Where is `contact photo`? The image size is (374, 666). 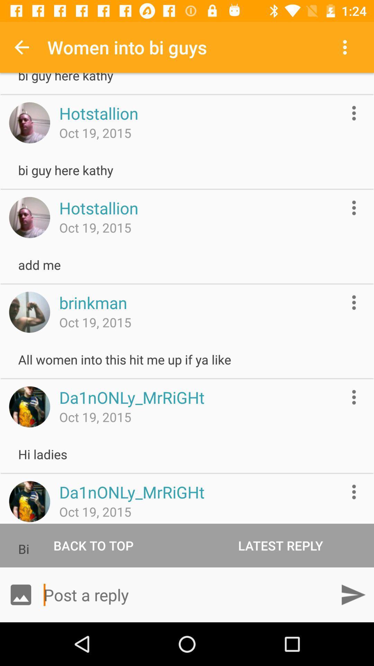
contact photo is located at coordinates (29, 217).